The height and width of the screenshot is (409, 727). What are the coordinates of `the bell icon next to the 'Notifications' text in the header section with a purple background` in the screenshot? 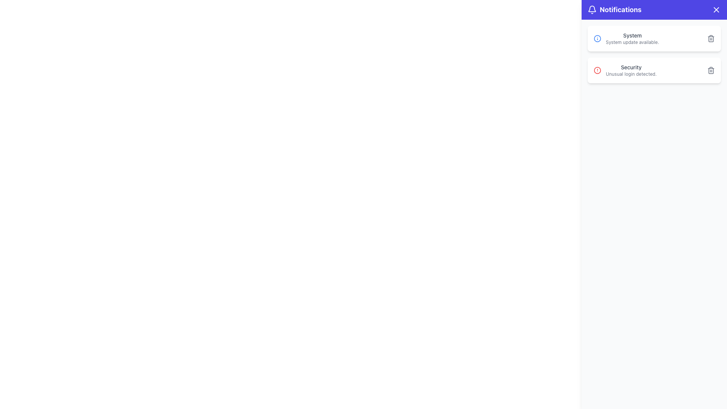 It's located at (592, 10).